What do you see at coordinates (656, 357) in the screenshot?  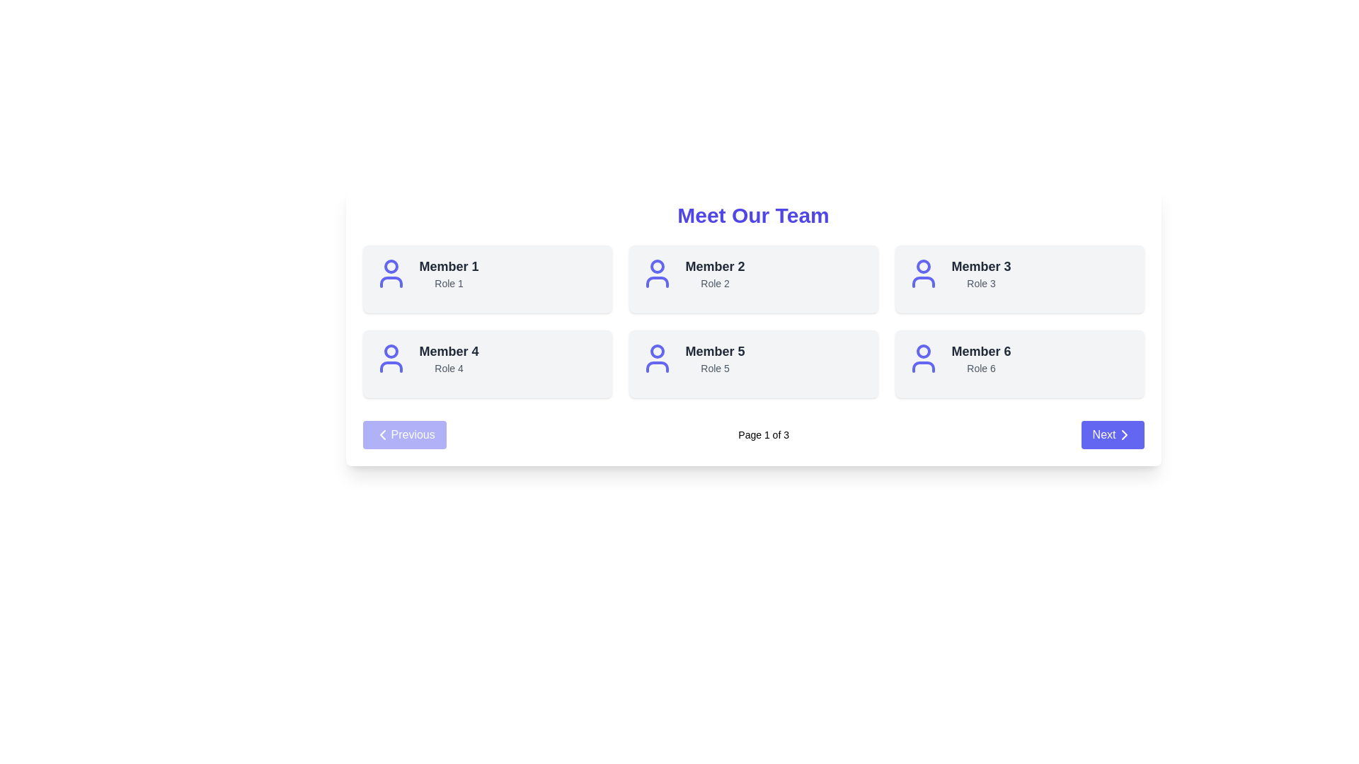 I see `the icon representing 'Member 5' located in the upper left section of the fifth card in the layout grid` at bounding box center [656, 357].